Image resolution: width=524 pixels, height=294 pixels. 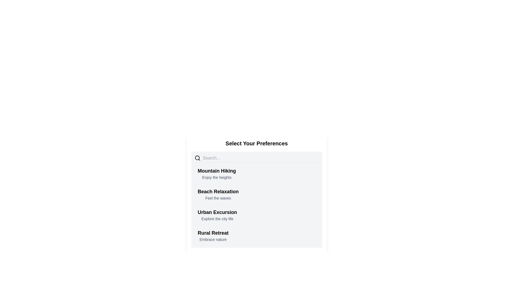 What do you see at coordinates (256, 235) in the screenshot?
I see `the 'Rural Retreat' preference in the list of options` at bounding box center [256, 235].